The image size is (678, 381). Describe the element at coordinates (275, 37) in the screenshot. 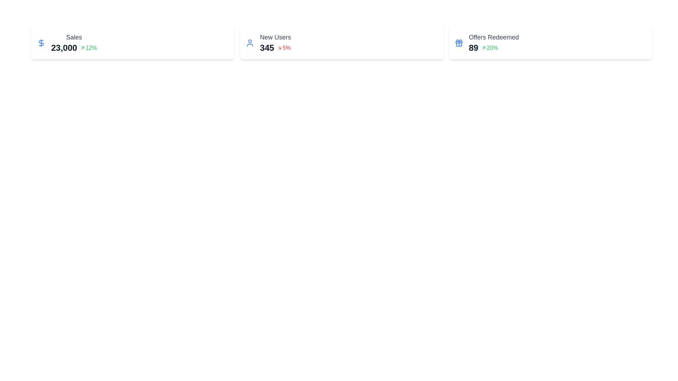

I see `the static text label 'New Users' which serves as a title indicating the metric being represented, positioned at the upper part of the card between 'Sales' and 'Offers Redeemed'` at that location.